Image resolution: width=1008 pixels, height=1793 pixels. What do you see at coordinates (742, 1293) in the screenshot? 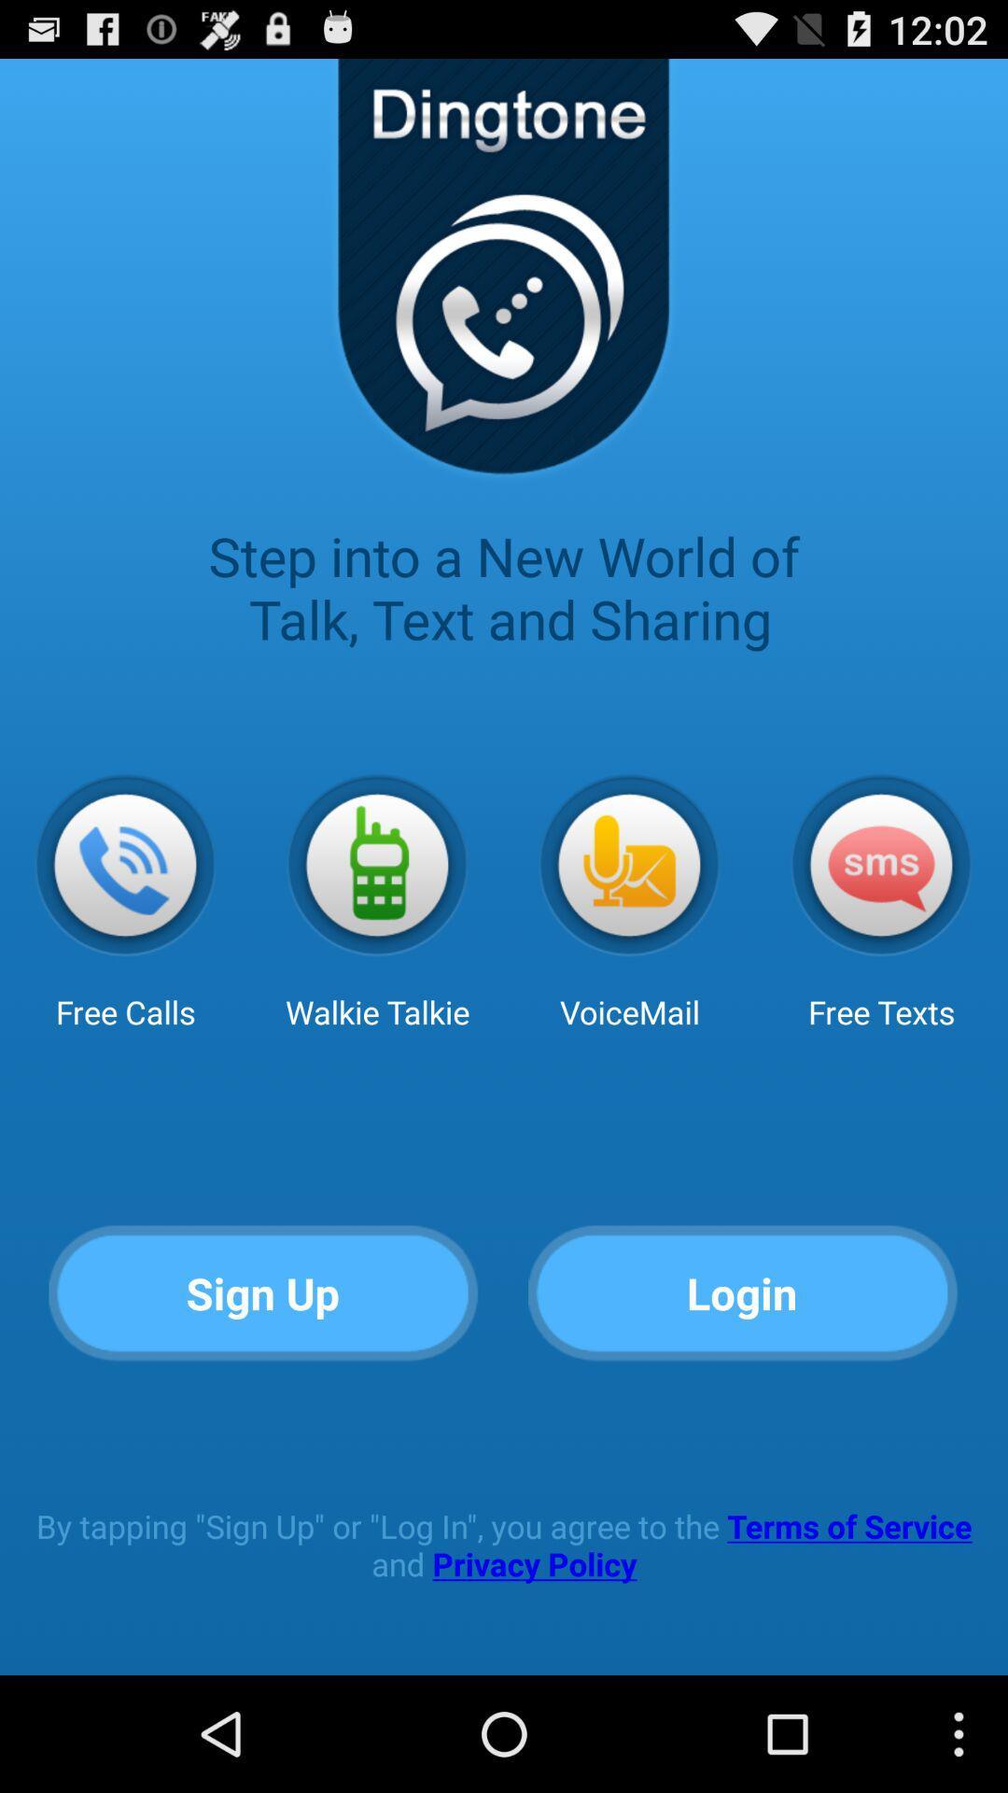
I see `the button next to the sign up button` at bounding box center [742, 1293].